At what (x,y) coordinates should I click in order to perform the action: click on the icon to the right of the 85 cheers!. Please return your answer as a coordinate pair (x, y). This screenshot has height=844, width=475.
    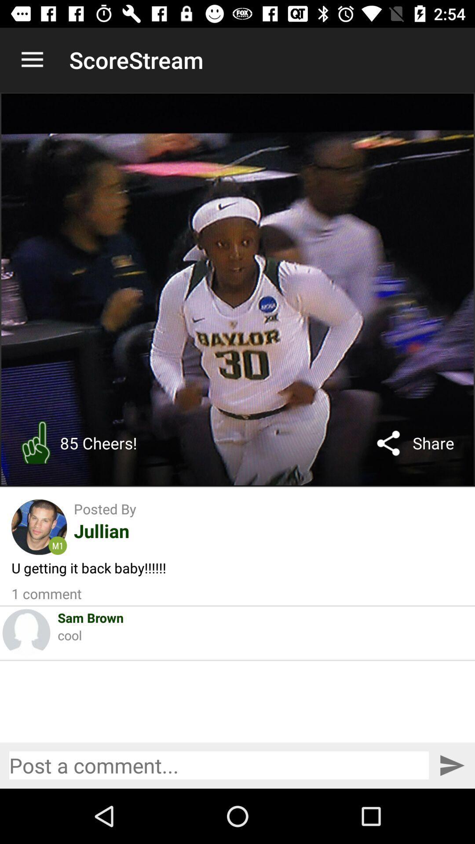
    Looking at the image, I should click on (388, 443).